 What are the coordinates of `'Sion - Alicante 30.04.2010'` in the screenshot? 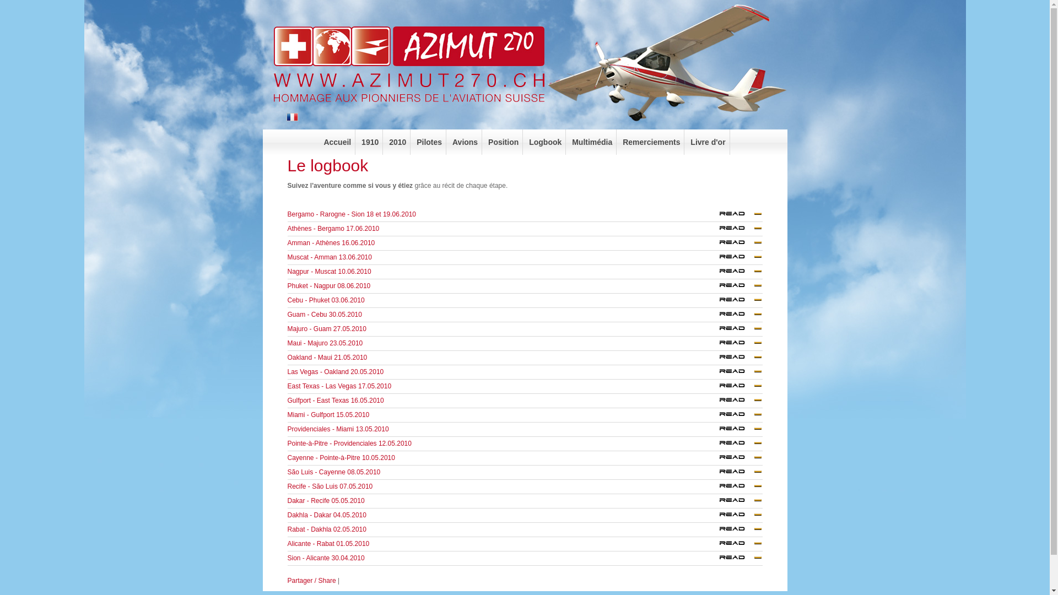 It's located at (738, 560).